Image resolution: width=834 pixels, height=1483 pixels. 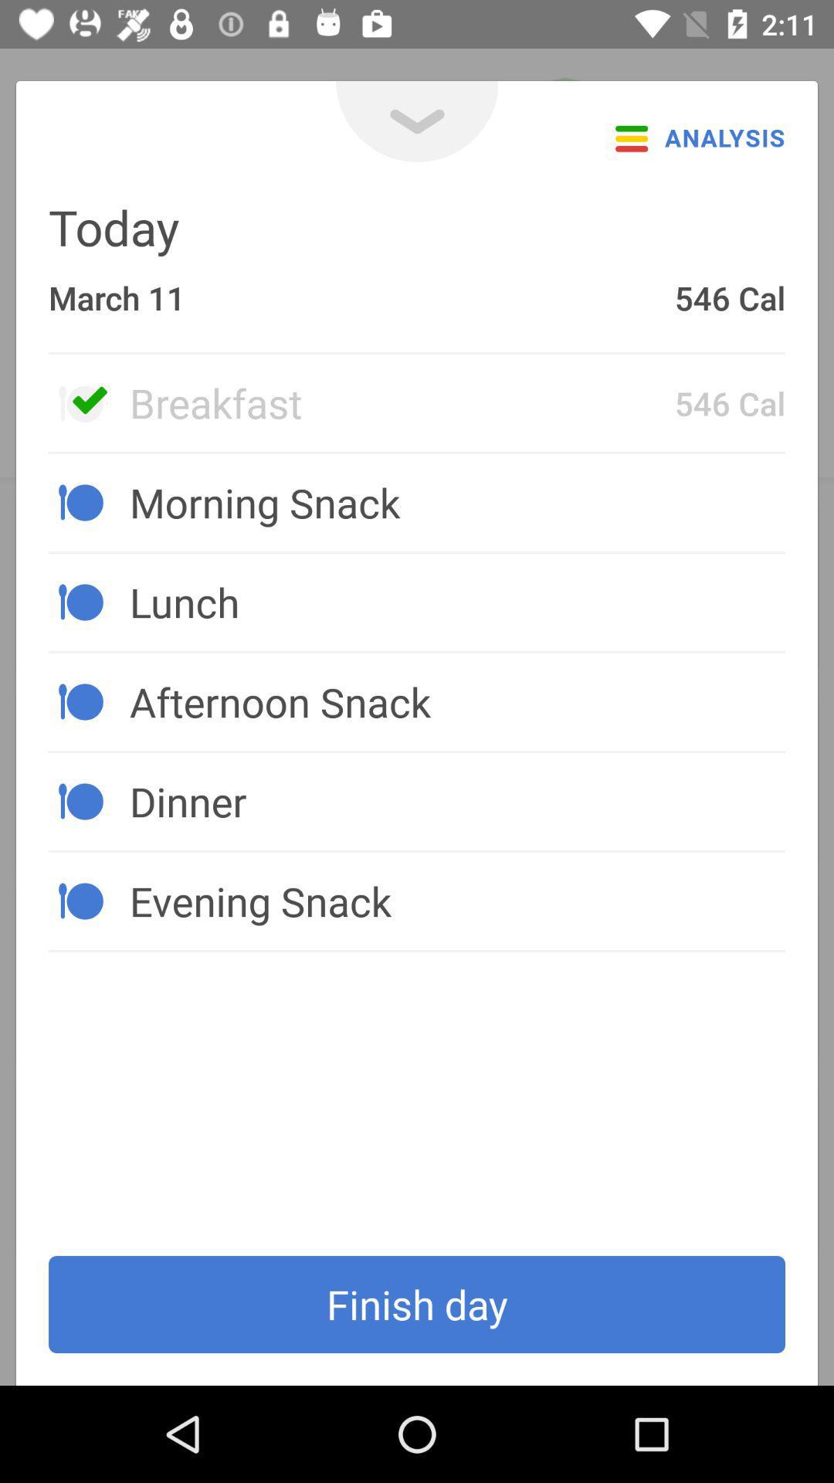 I want to click on go down, so click(x=417, y=120).